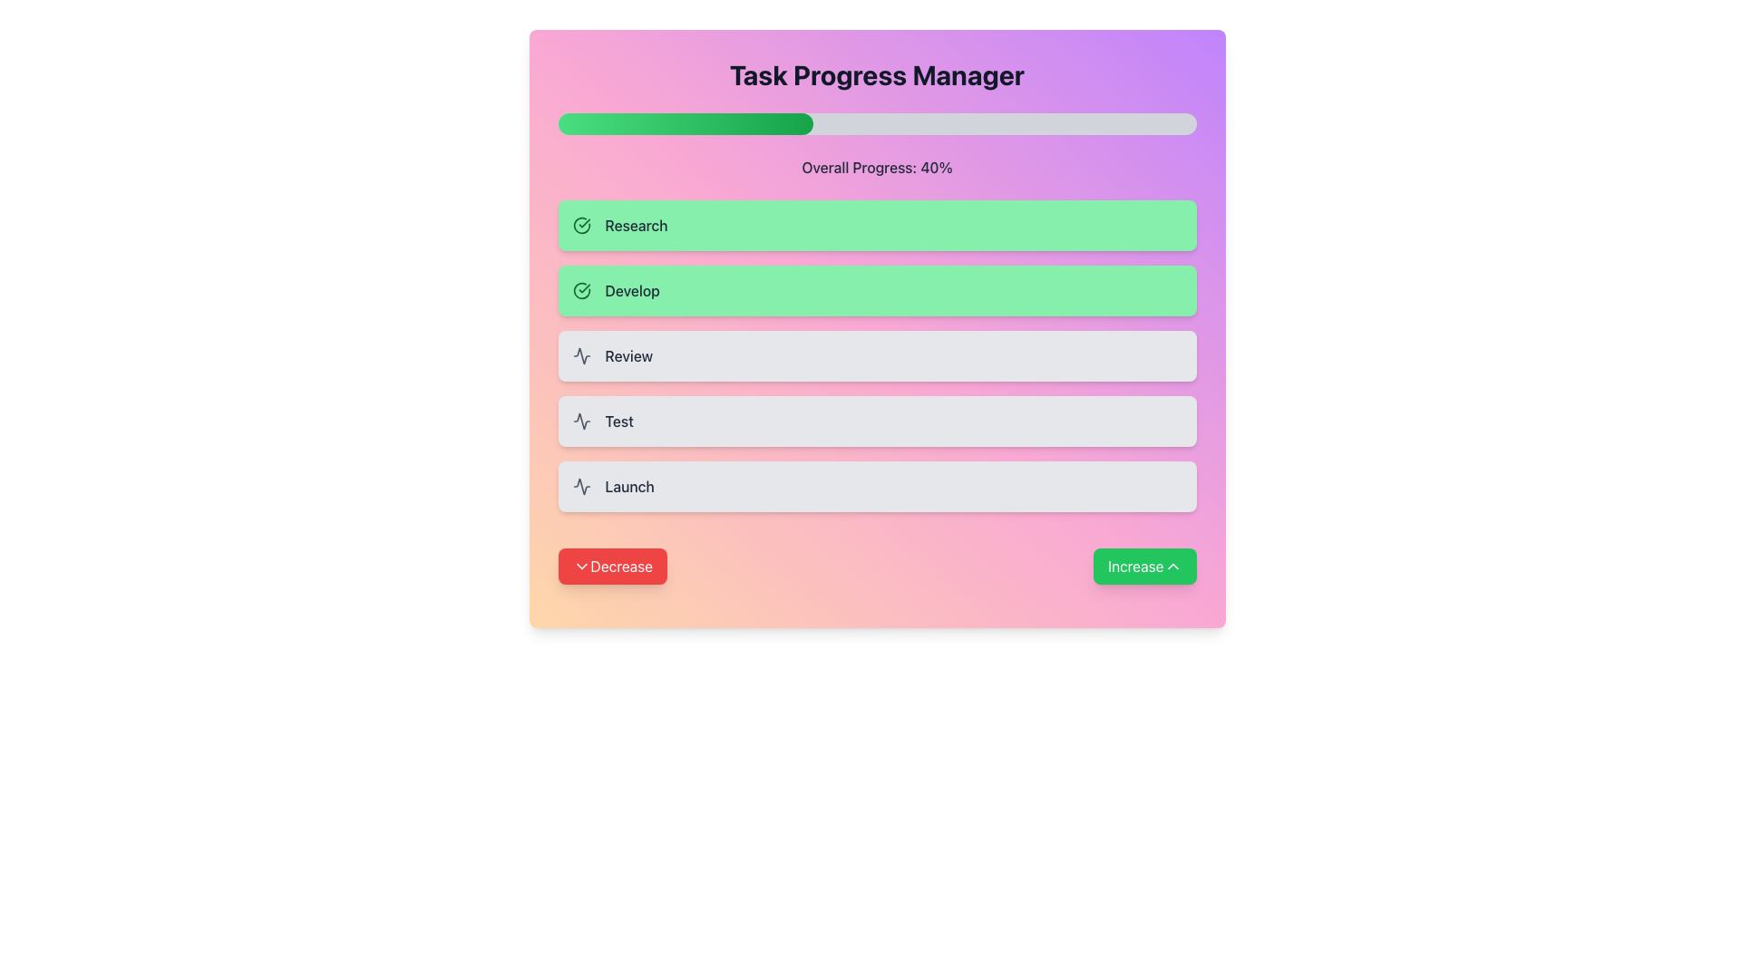 This screenshot has width=1741, height=979. What do you see at coordinates (581, 485) in the screenshot?
I see `the decorative icon representing the 'Launch' task option, which is positioned on the far left of the 'Launch' row adjacent to the text 'Launch'` at bounding box center [581, 485].